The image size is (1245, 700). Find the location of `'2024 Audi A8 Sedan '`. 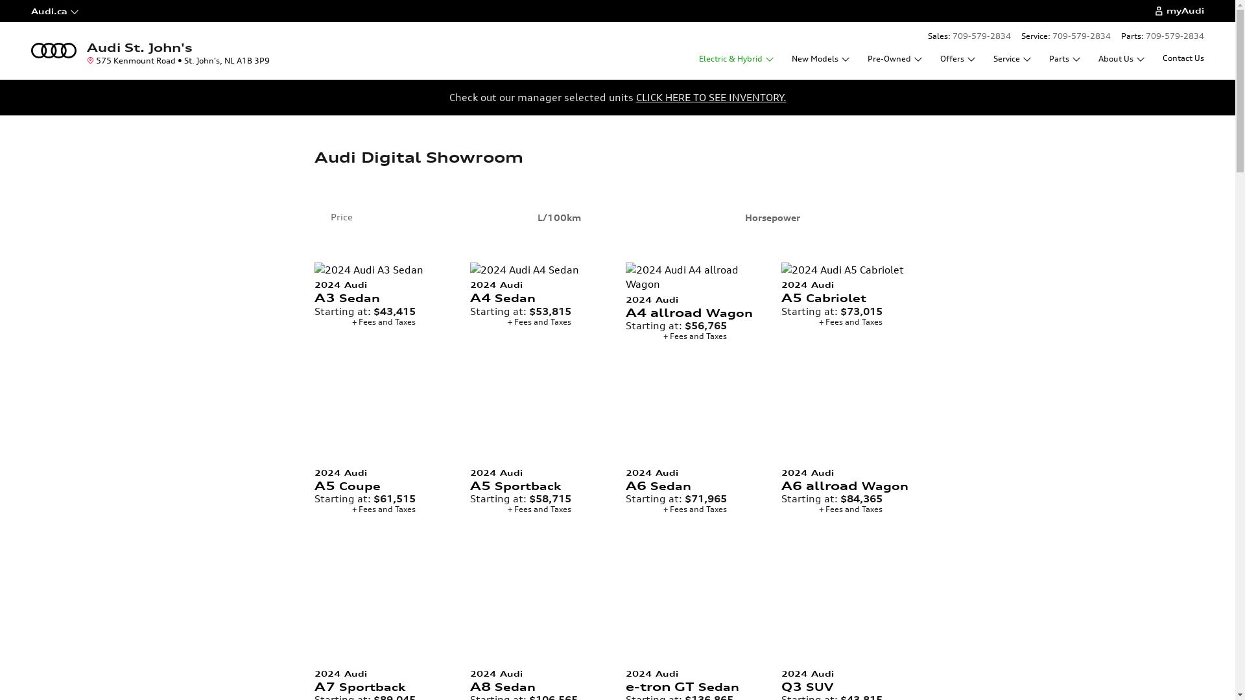

'2024 Audi A8 Sedan ' is located at coordinates (469, 664).